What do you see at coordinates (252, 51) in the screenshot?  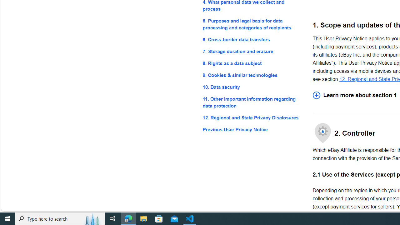 I see `'7. Storage duration and erasure'` at bounding box center [252, 51].